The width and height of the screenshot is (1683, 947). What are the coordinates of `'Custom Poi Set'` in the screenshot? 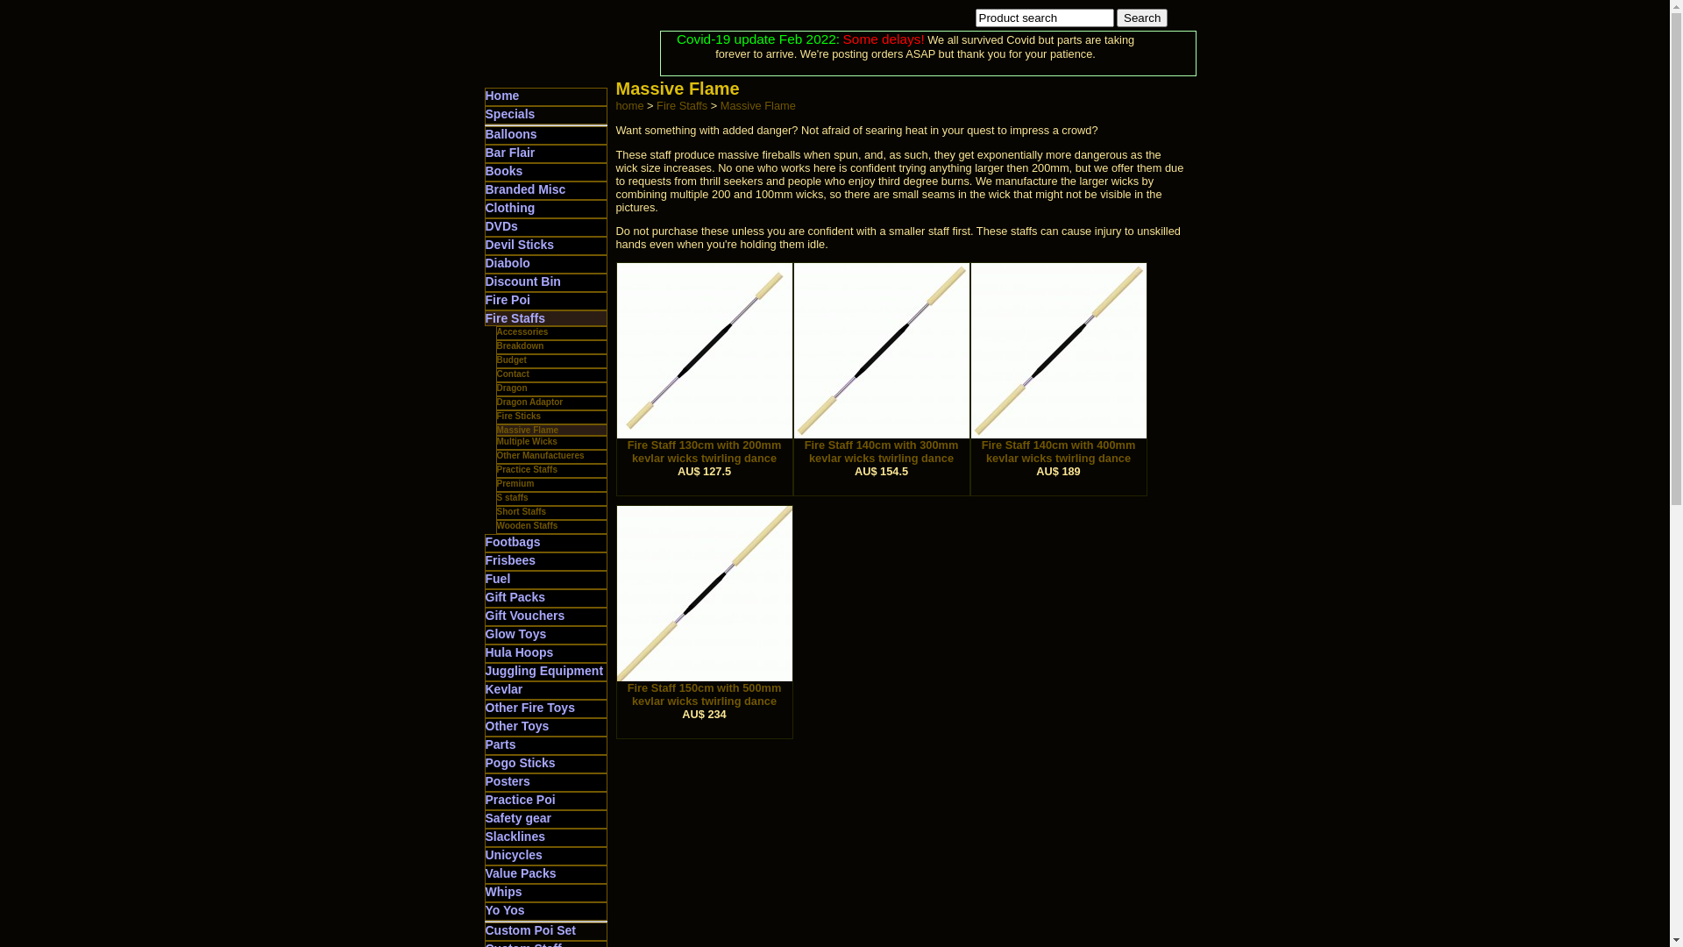 It's located at (529, 929).